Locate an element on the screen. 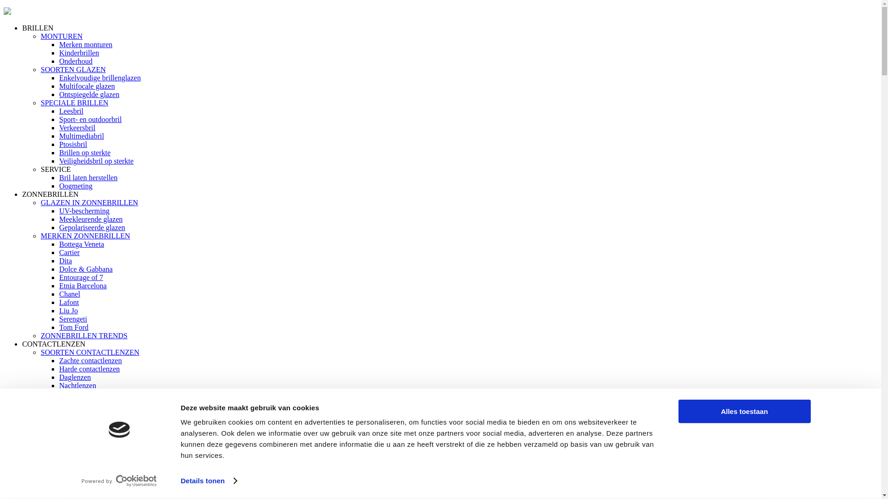  'Entourage of 7' is located at coordinates (81, 277).